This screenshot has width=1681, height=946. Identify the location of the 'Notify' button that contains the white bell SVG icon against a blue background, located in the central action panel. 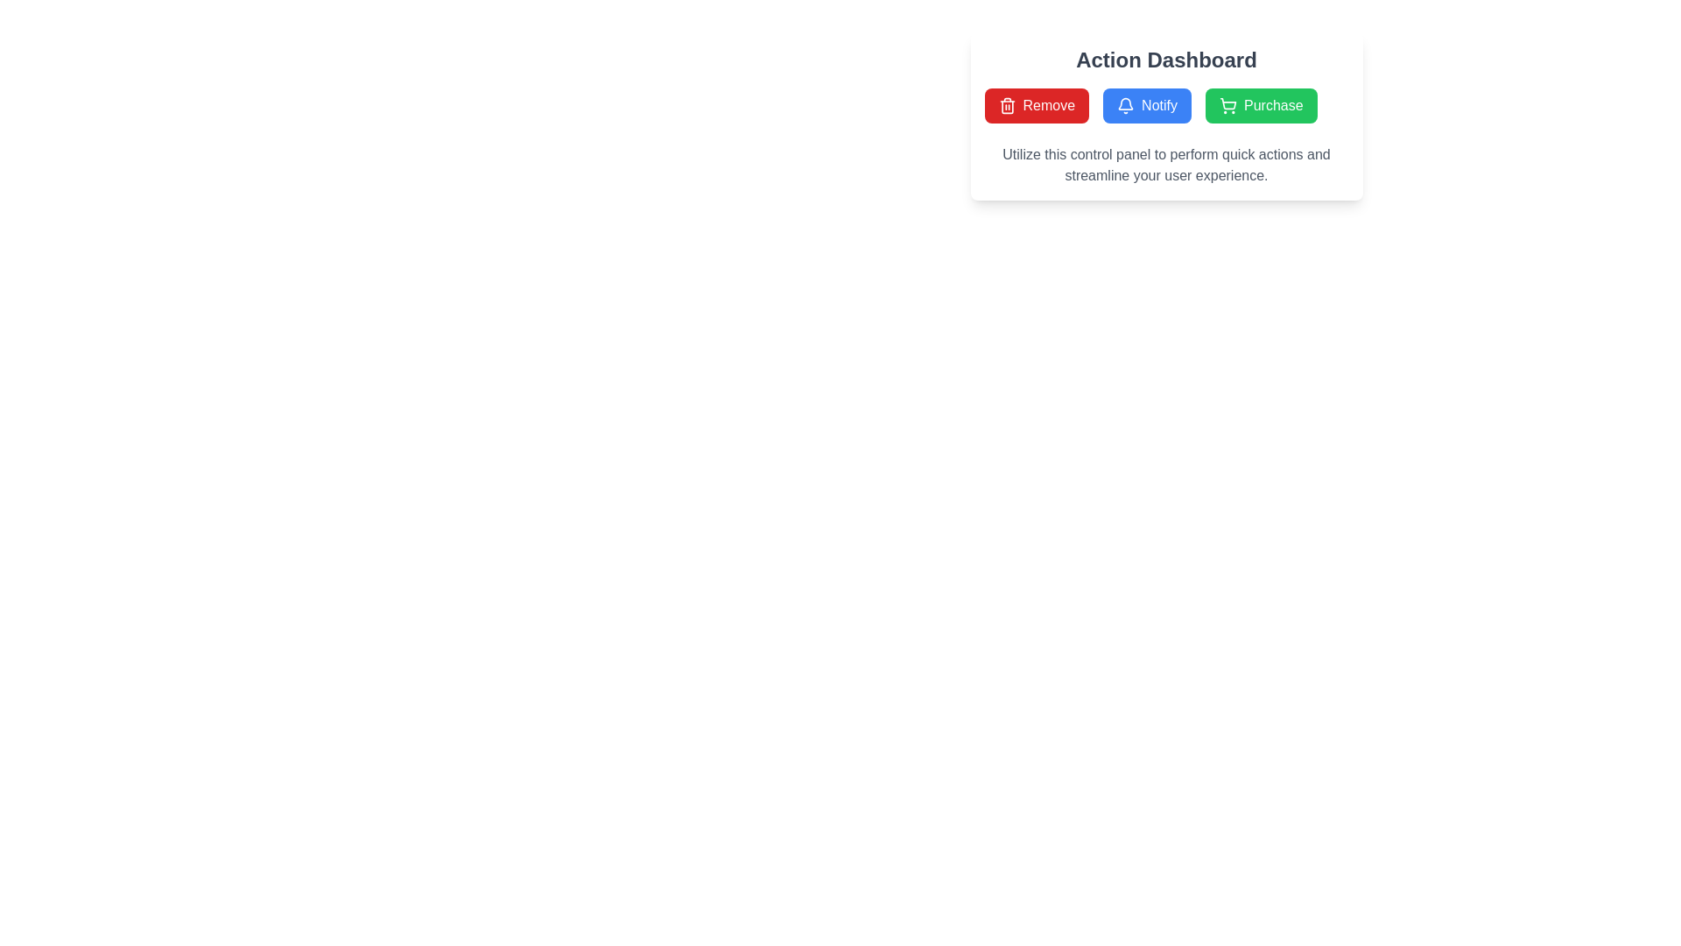
(1126, 105).